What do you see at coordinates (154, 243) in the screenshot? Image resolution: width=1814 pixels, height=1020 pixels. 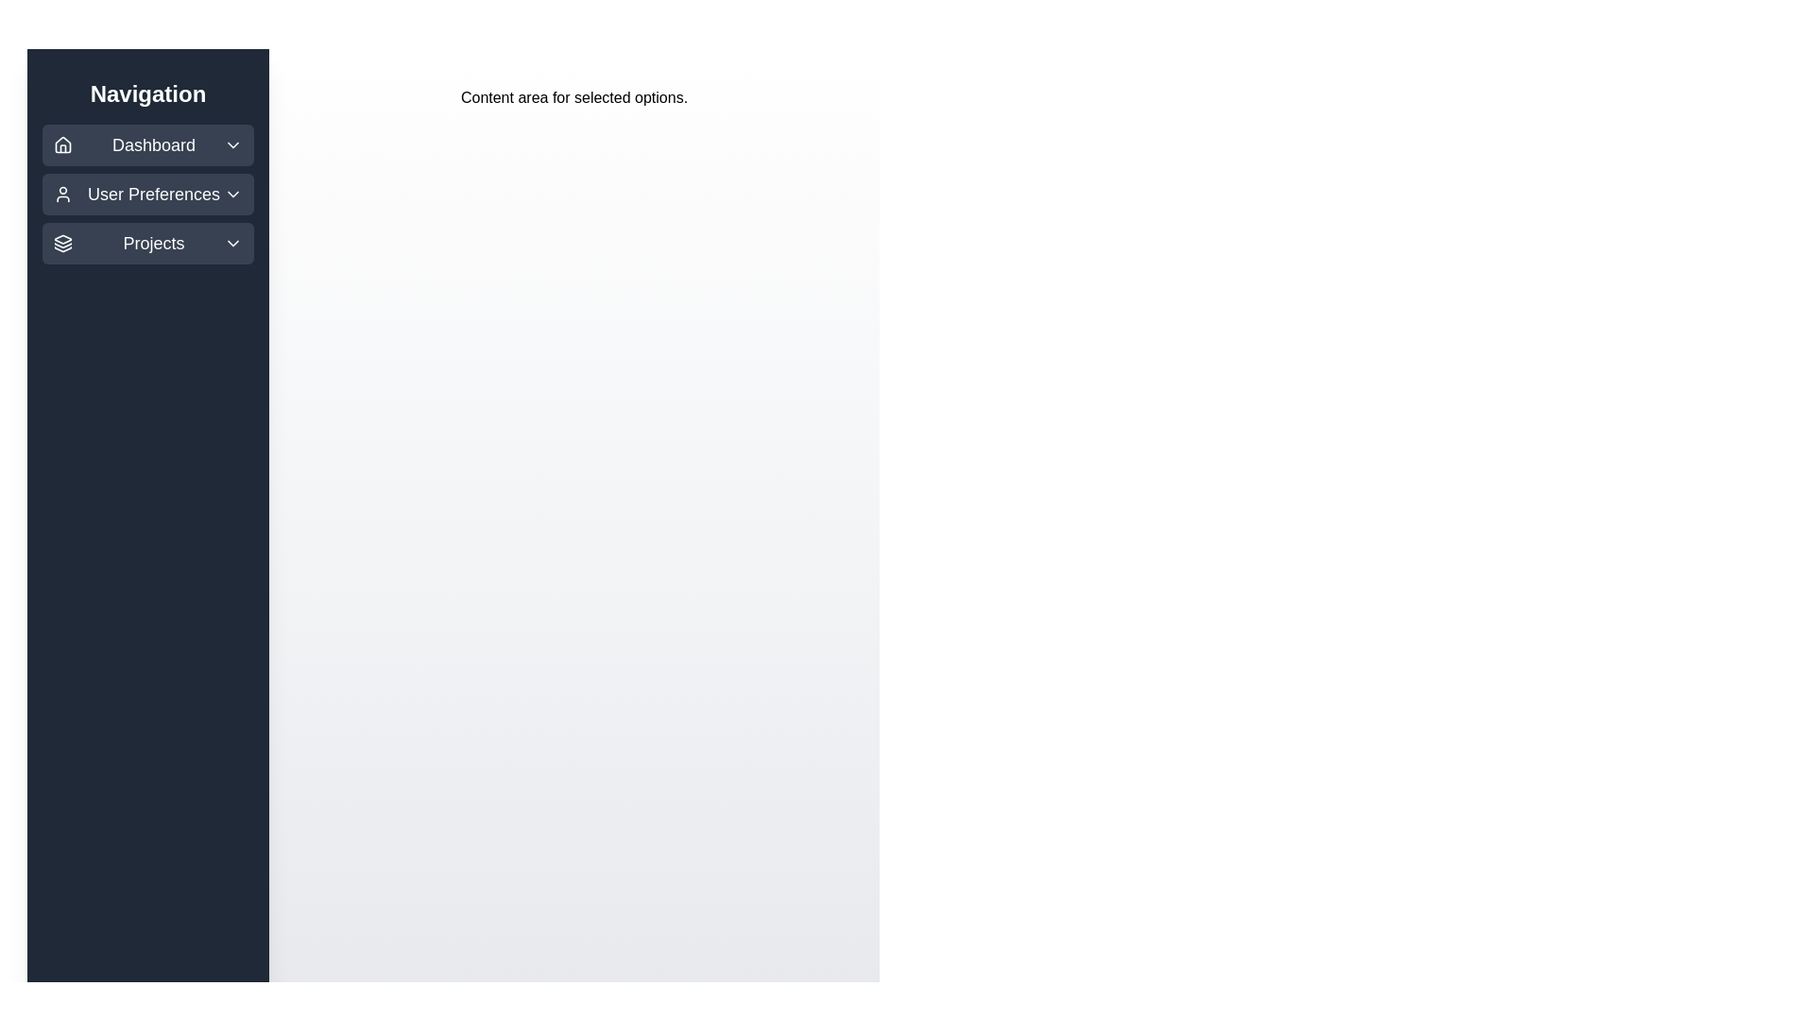 I see `'Projects' label in the navigation menu, which indicates the section for managing projects, located near the top of the sidebar as the third item in the list` at bounding box center [154, 243].